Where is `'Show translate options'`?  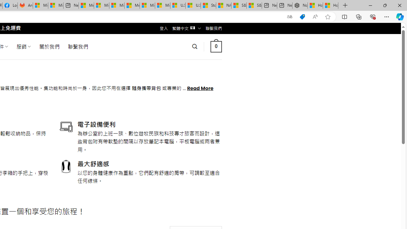
'Show translate options' is located at coordinates (289, 17).